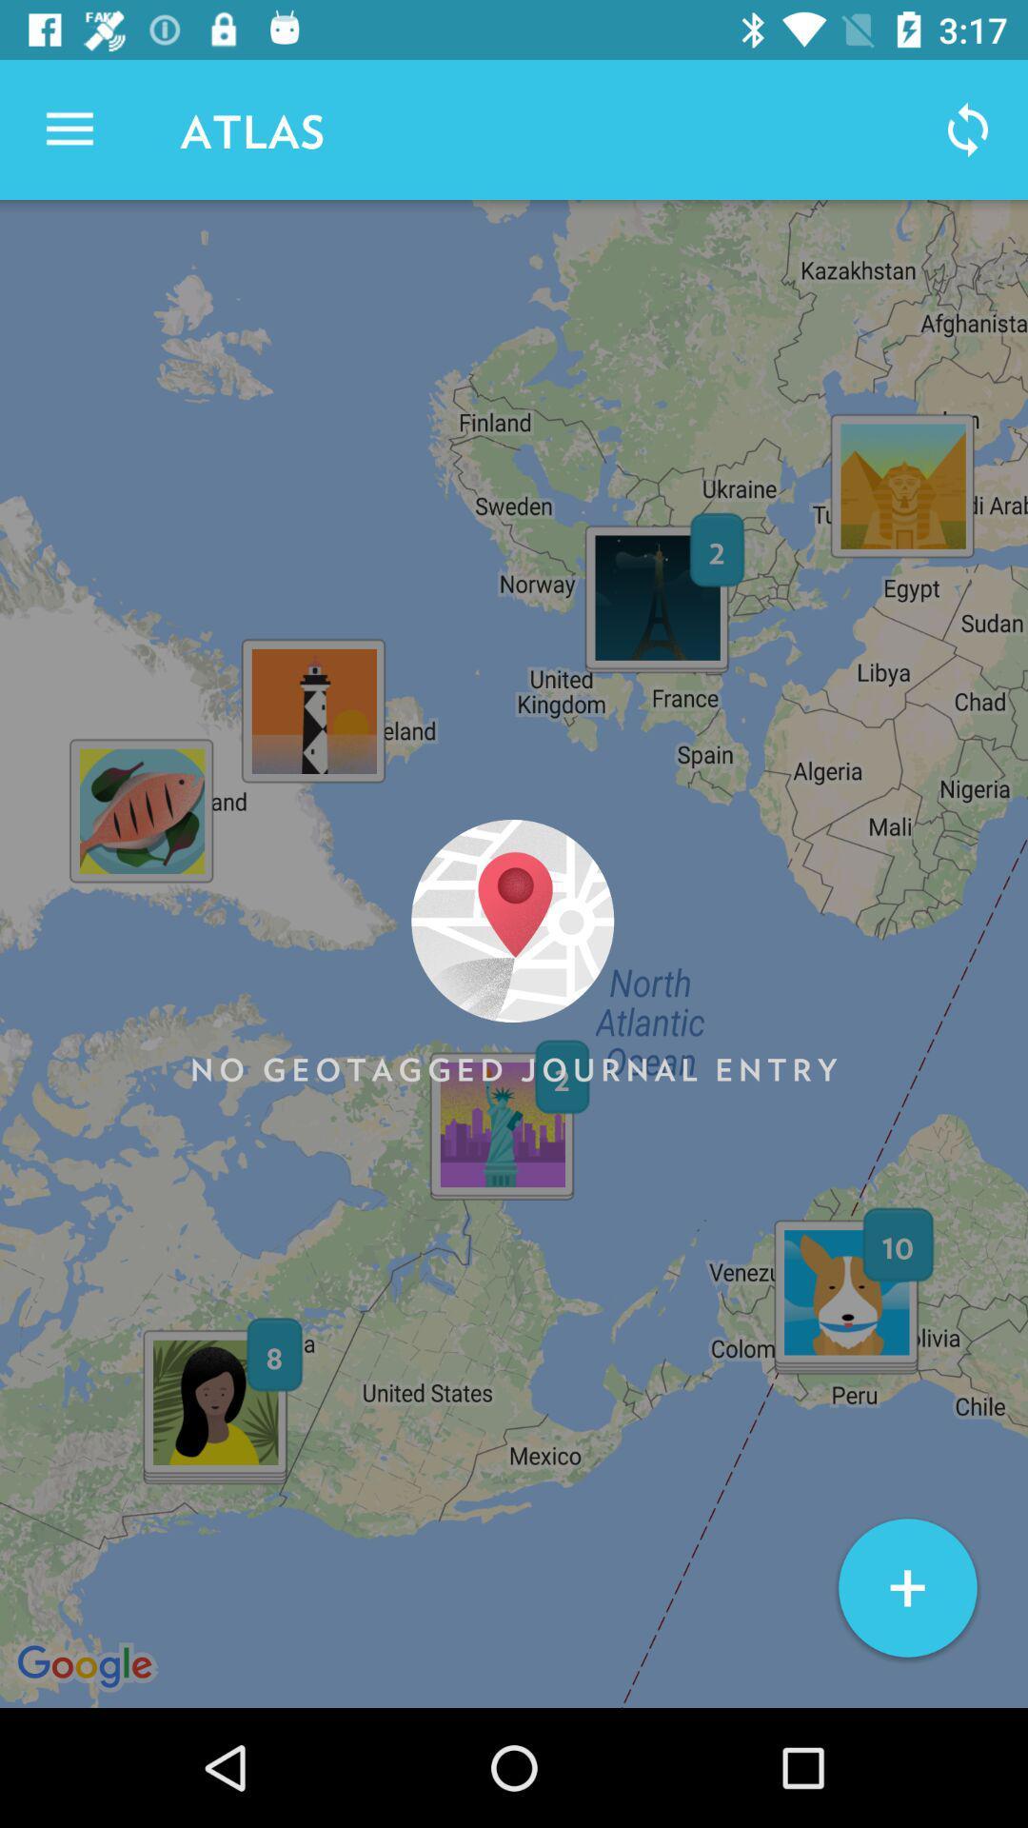 The width and height of the screenshot is (1028, 1828). What do you see at coordinates (968, 129) in the screenshot?
I see `icon to the right of atlas icon` at bounding box center [968, 129].